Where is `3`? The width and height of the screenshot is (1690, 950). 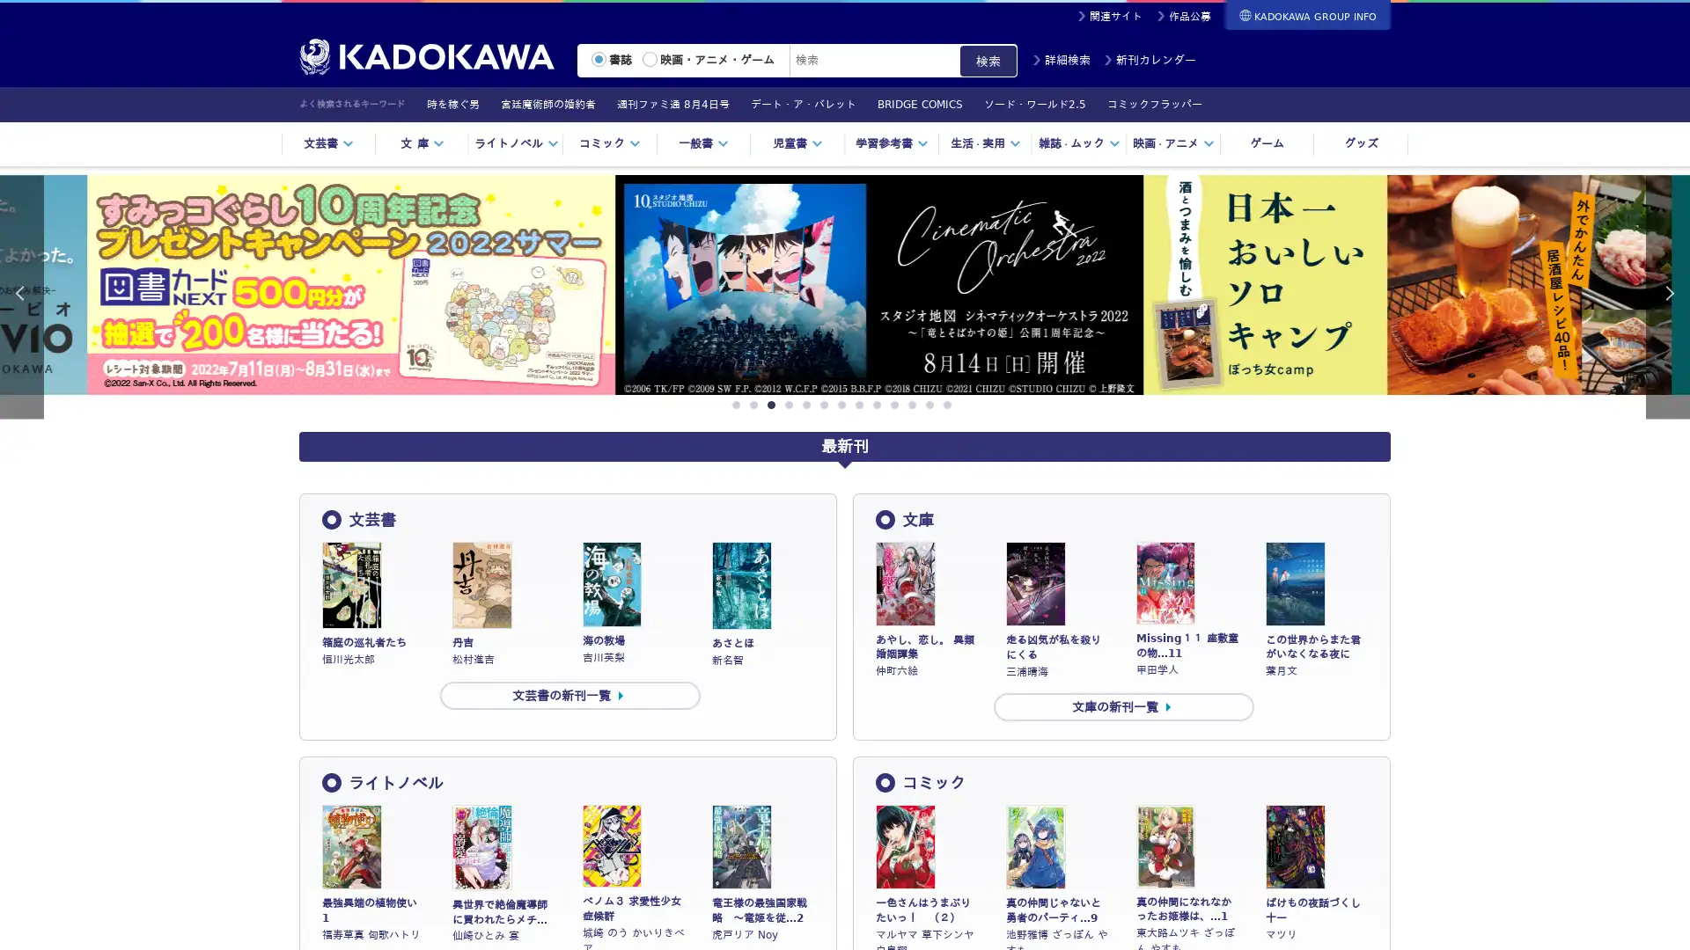 3 is located at coordinates (774, 406).